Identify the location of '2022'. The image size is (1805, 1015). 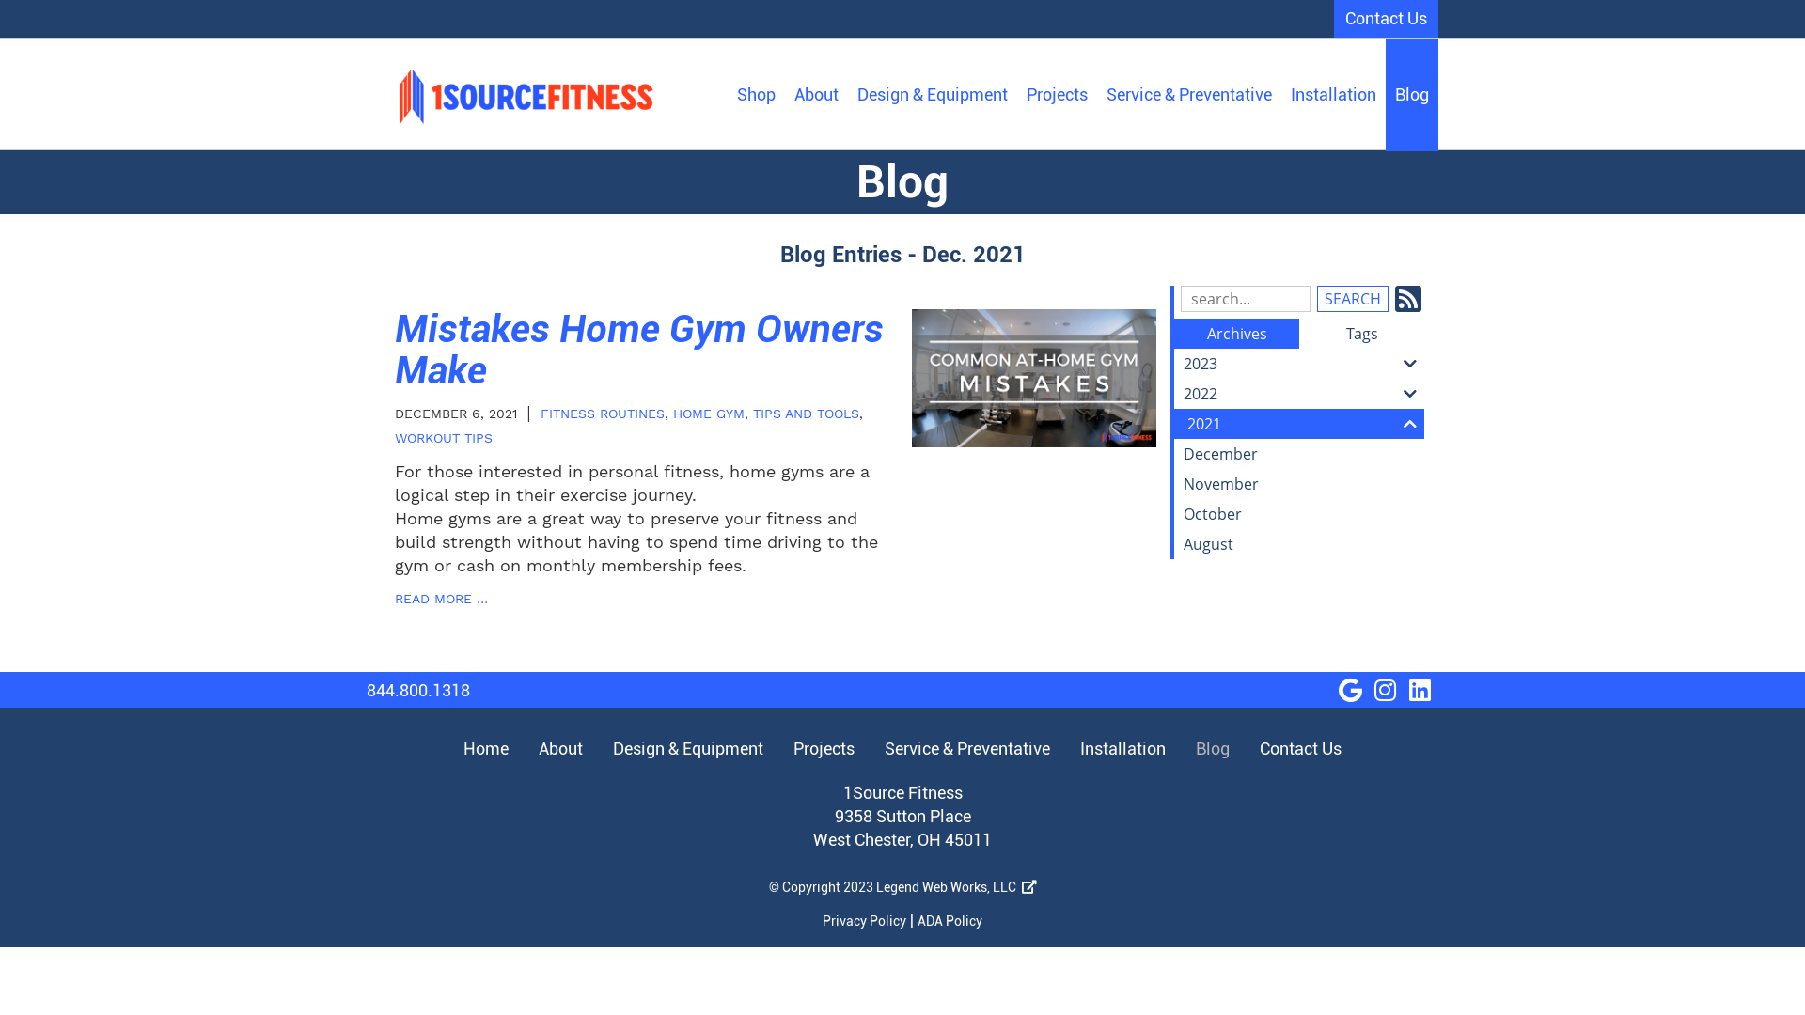
(1298, 393).